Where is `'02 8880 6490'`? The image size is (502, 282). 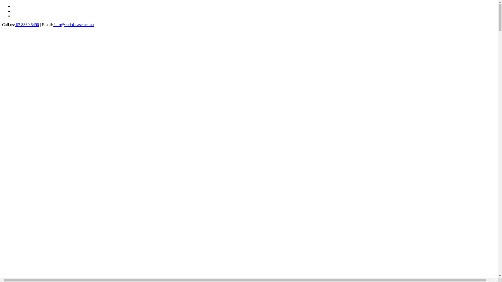
'02 8880 6490' is located at coordinates (26, 25).